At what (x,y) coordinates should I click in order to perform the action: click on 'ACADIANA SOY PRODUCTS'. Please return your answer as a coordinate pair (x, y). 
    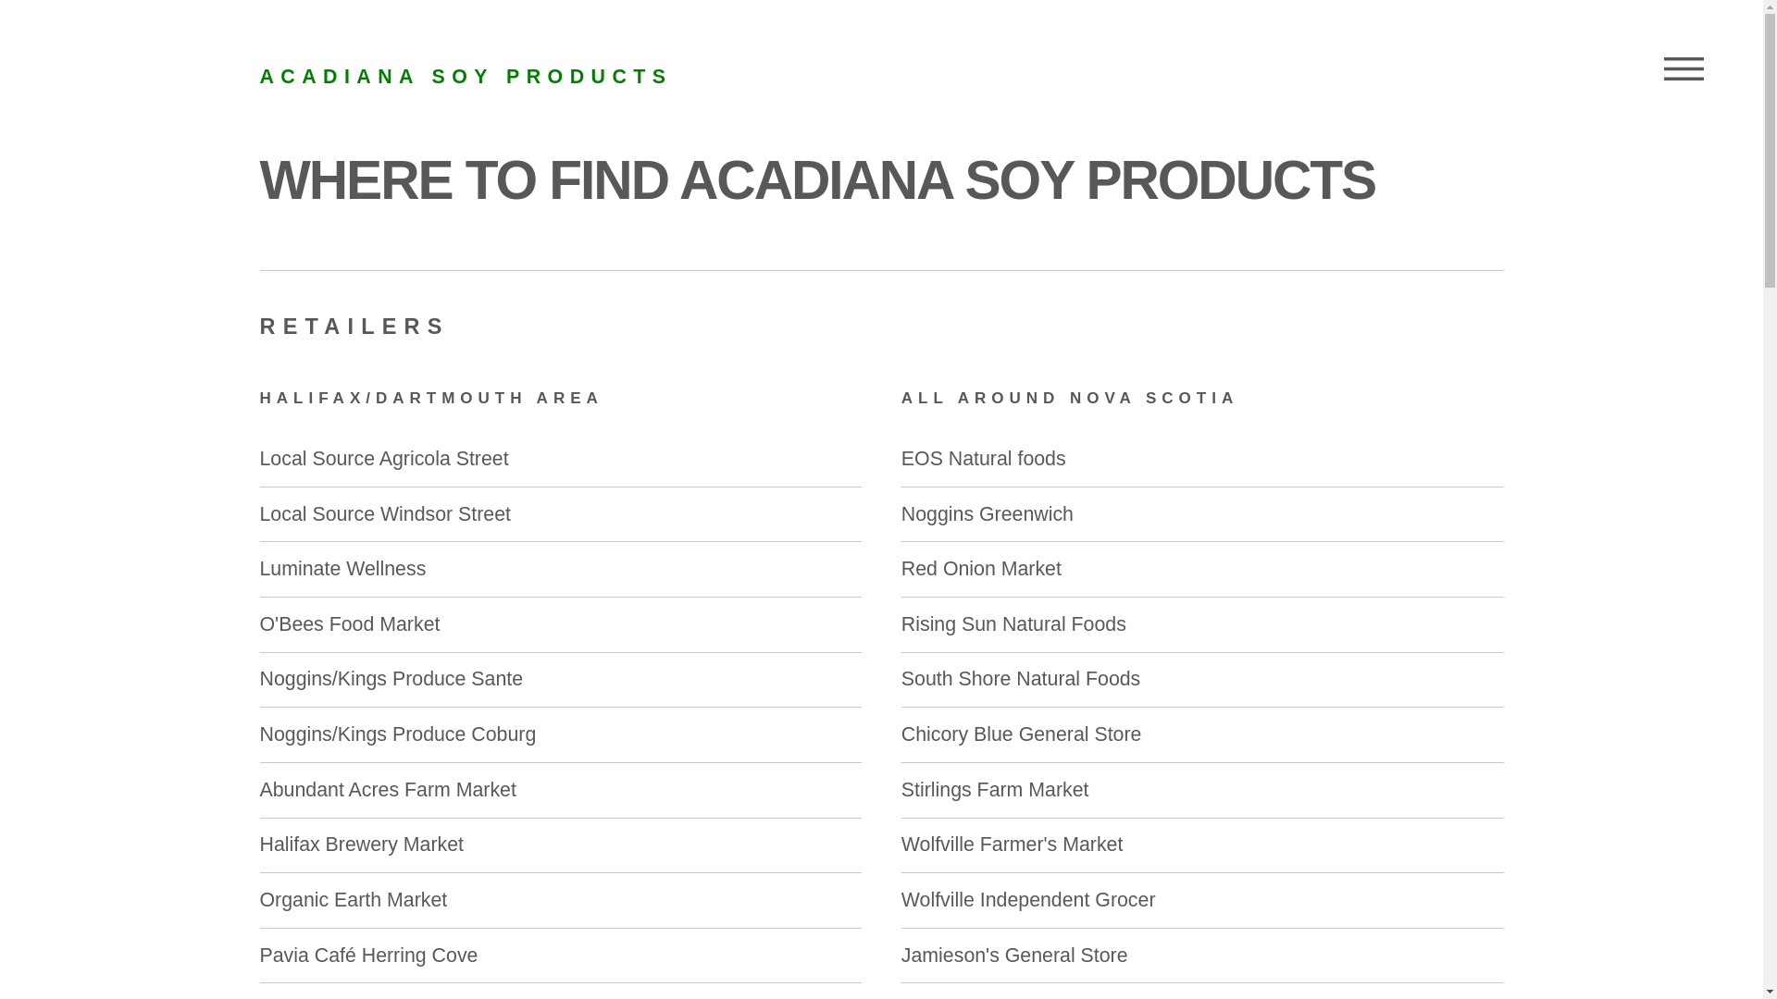
    Looking at the image, I should click on (466, 76).